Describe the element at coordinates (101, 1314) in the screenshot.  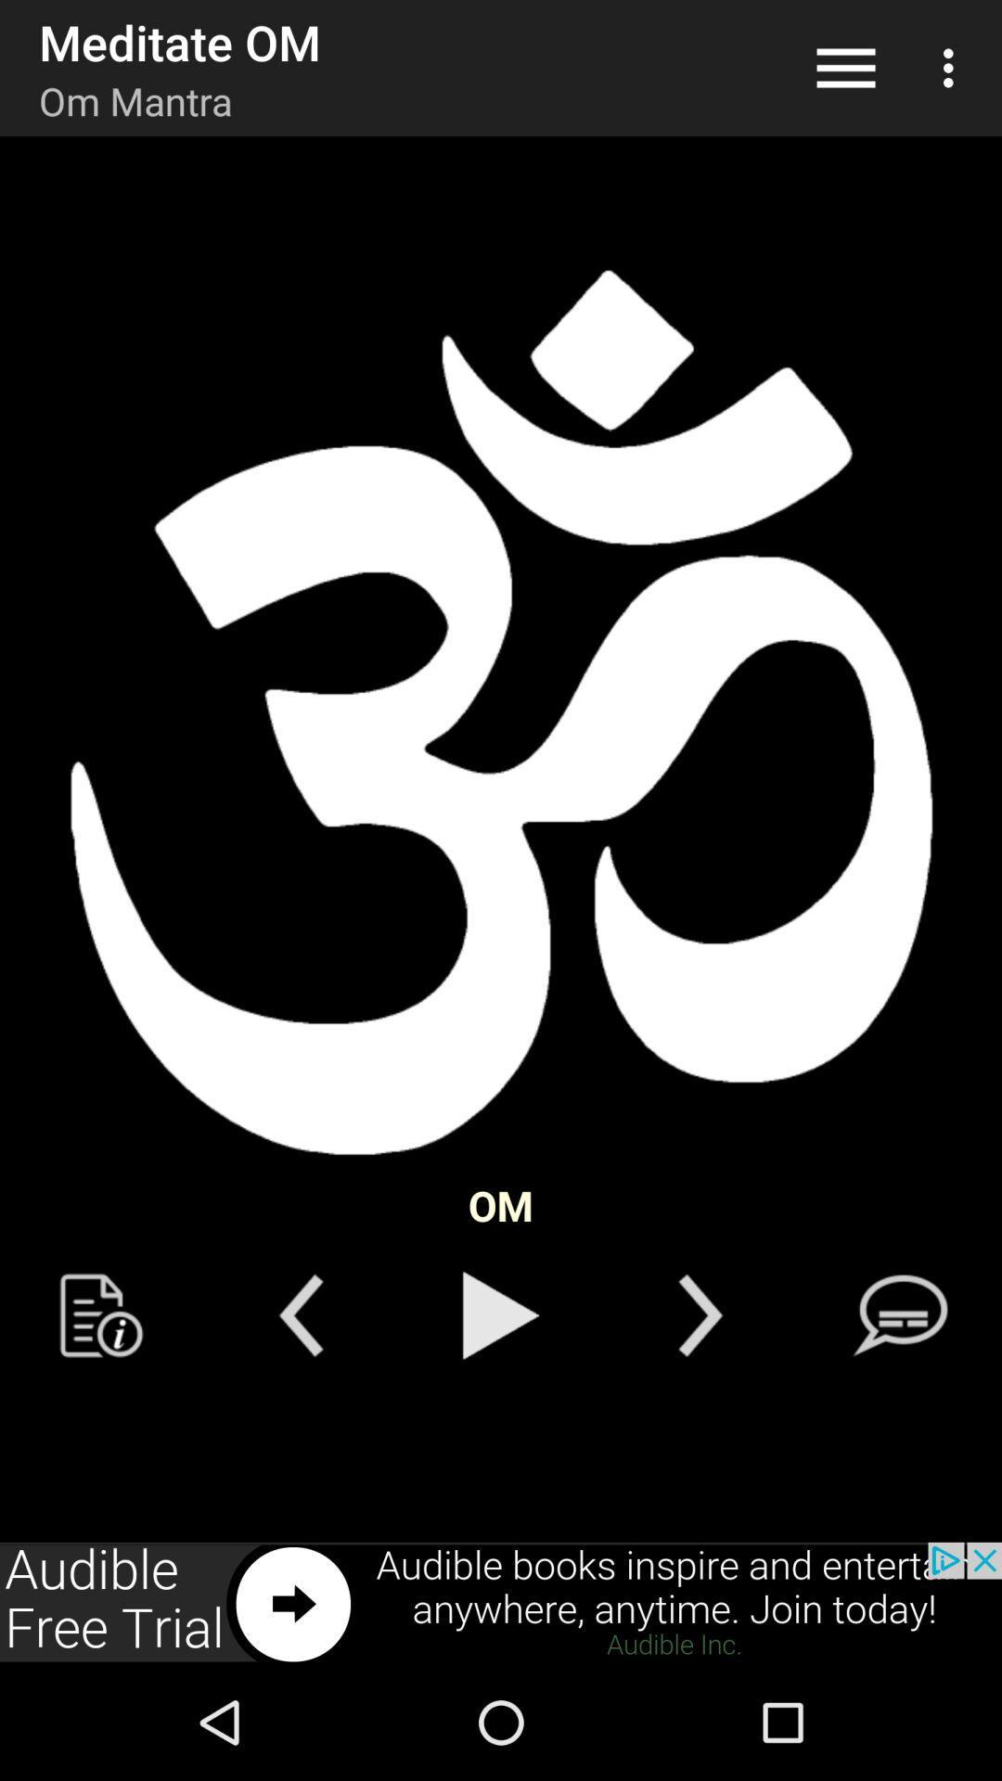
I see `text in previouse` at that location.